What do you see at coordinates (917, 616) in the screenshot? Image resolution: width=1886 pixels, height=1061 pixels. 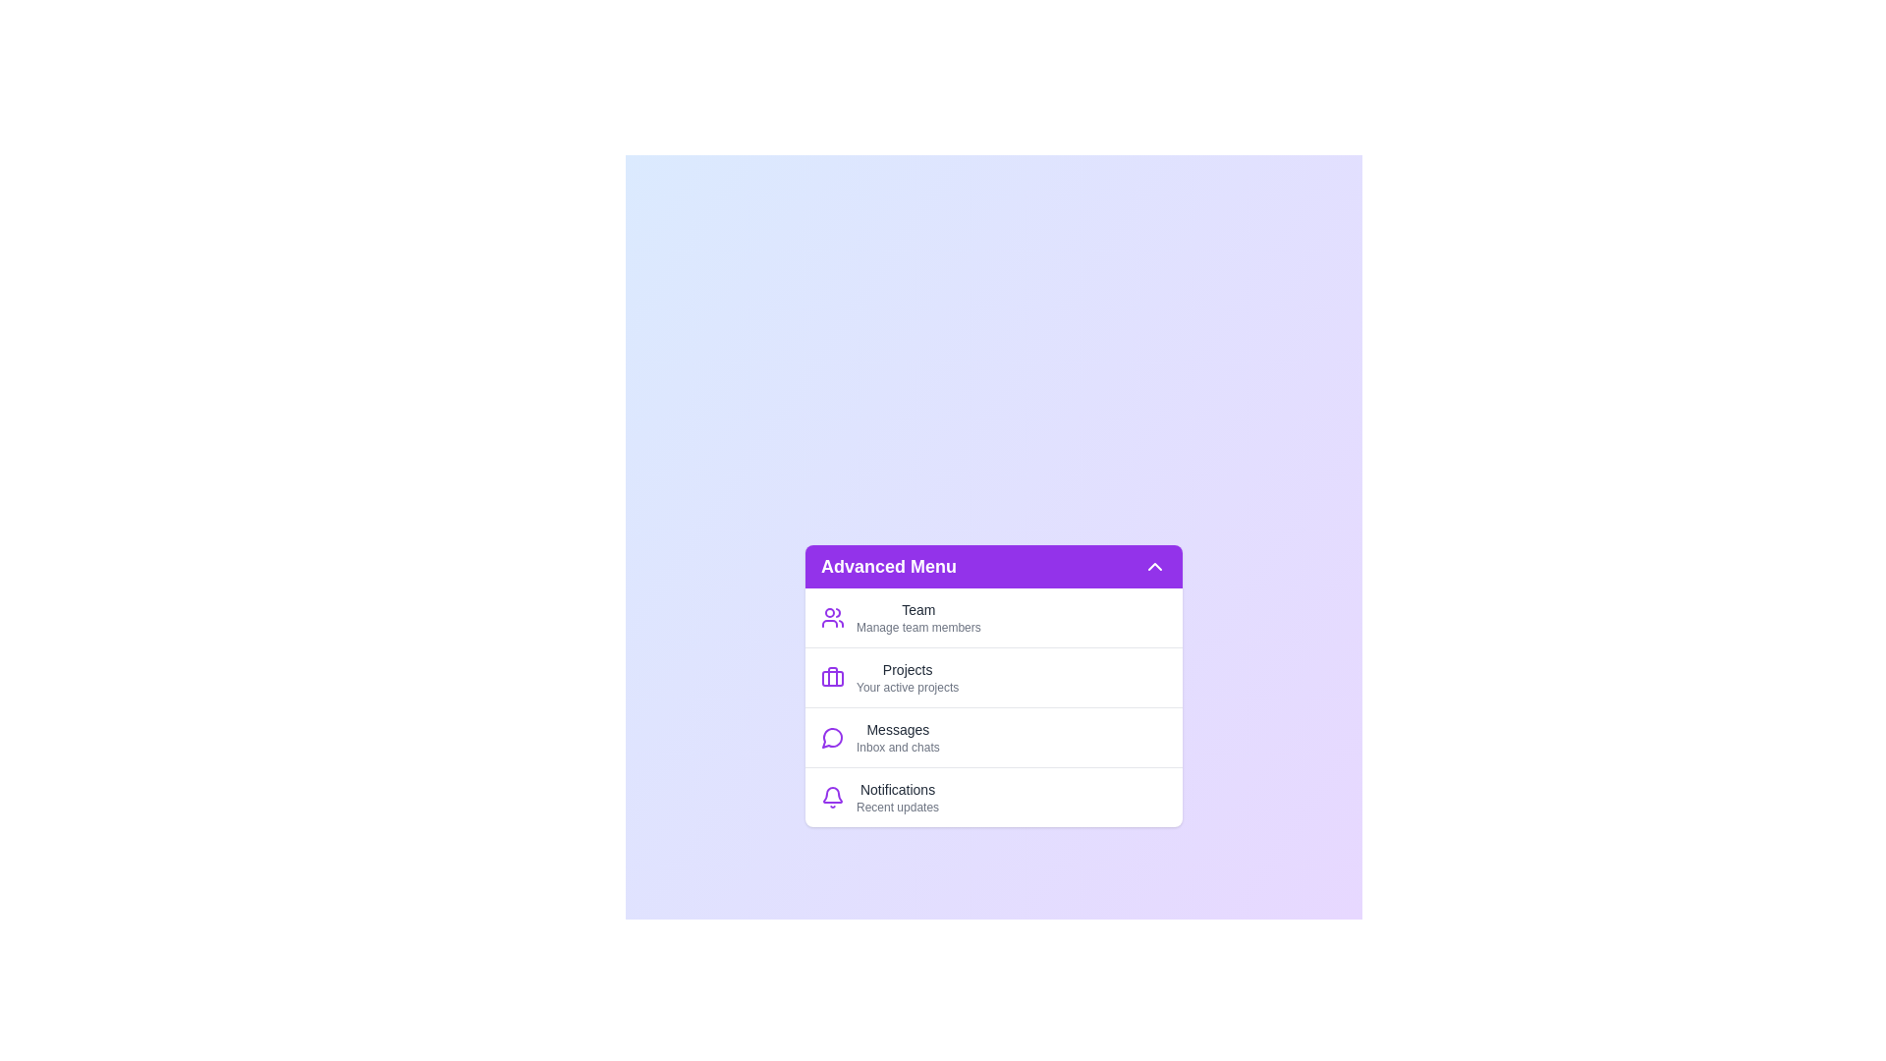 I see `the text of a menu item identified by its label Team` at bounding box center [917, 616].